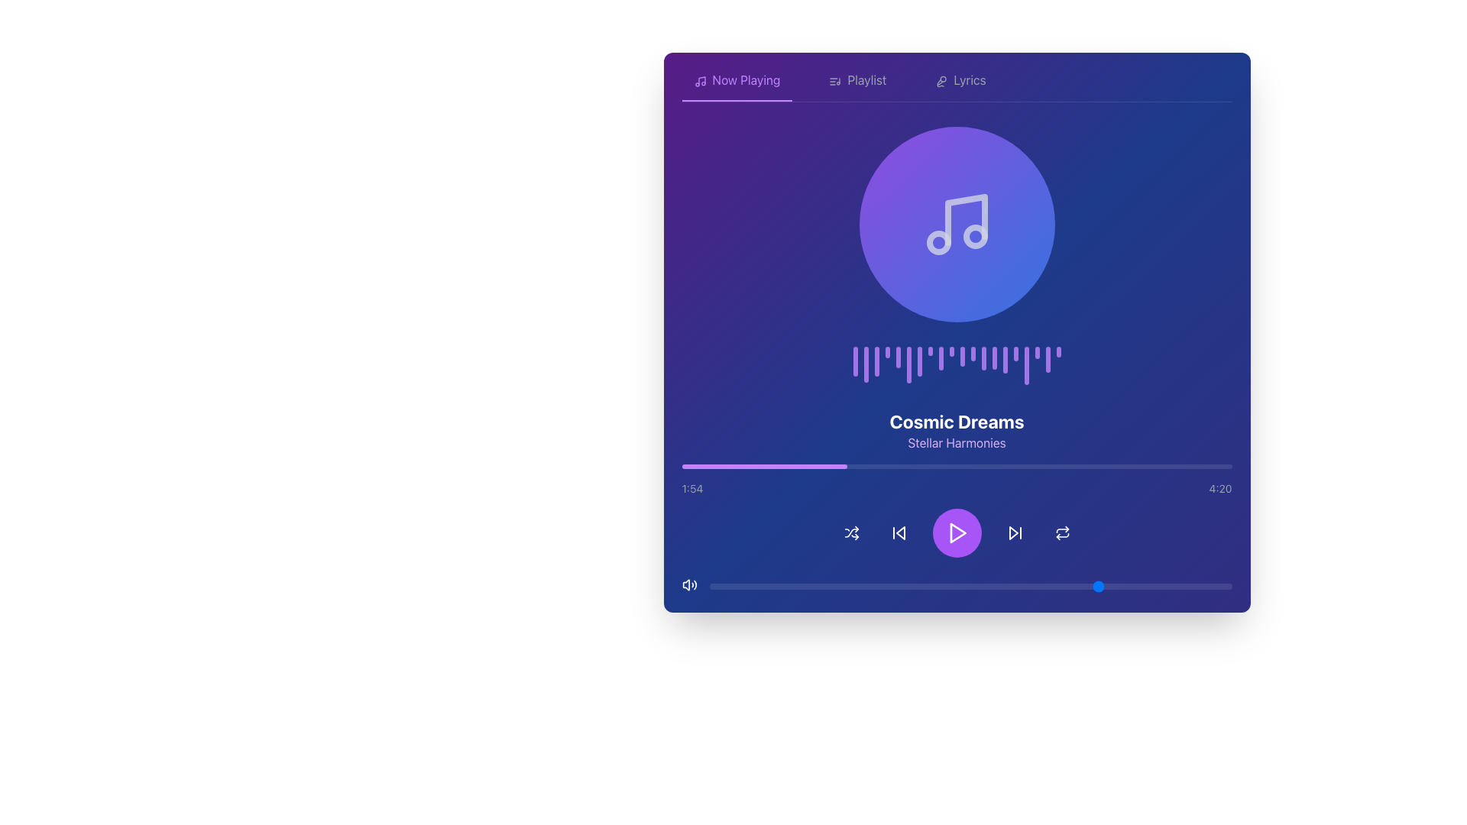 The image size is (1467, 825). Describe the element at coordinates (837, 465) in the screenshot. I see `playback progress` at that location.